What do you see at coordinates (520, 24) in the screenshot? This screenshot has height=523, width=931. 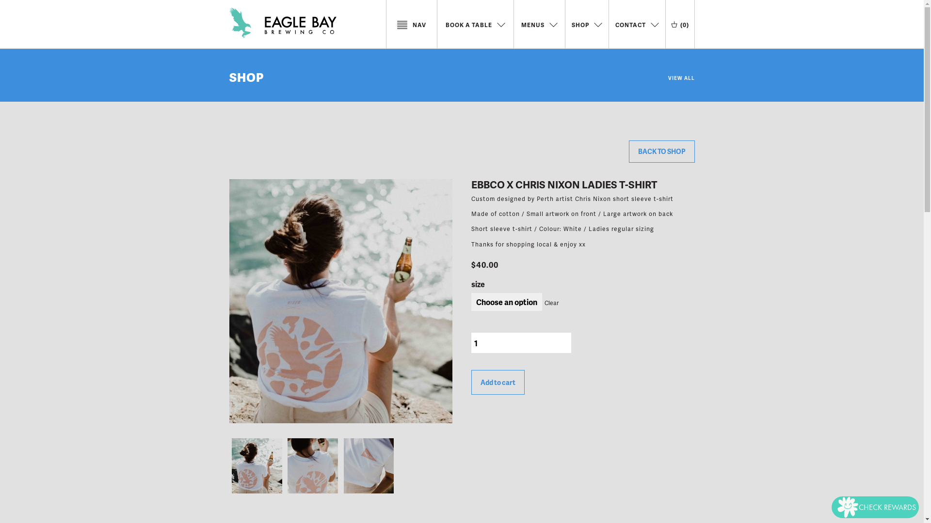 I see `'MENUS'` at bounding box center [520, 24].